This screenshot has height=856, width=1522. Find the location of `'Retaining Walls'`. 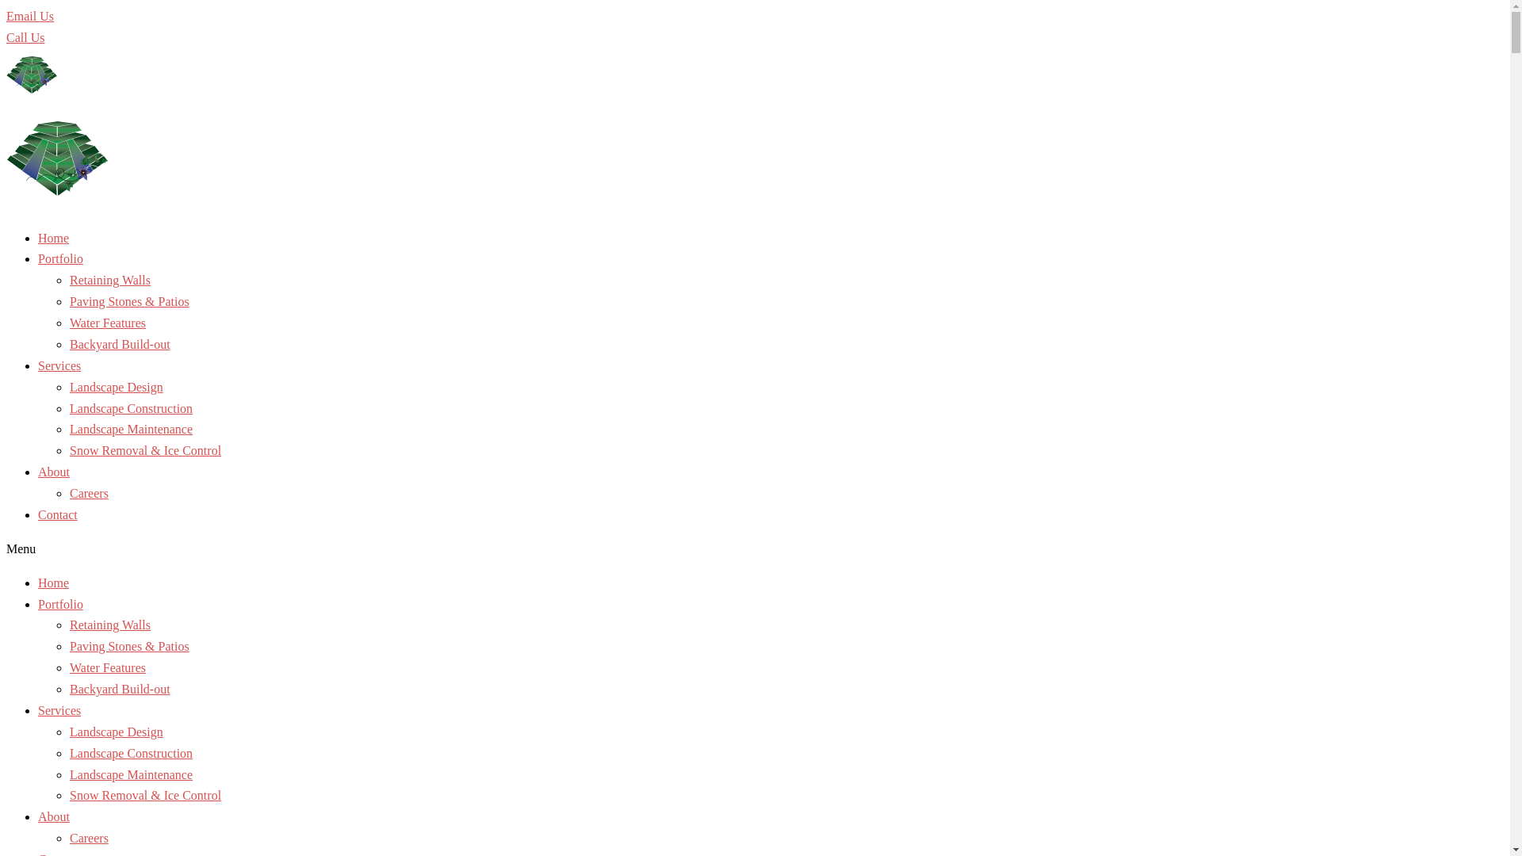

'Retaining Walls' is located at coordinates (68, 279).